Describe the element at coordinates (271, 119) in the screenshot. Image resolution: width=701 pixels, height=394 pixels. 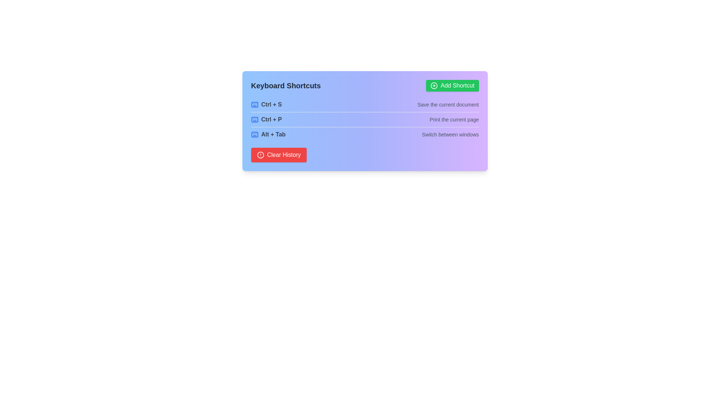
I see `the text label that represents the keyboard shortcut 'Ctrl + P', located as the second item in the list of keyboard shortcuts, aligned with a keyboard icon` at that location.